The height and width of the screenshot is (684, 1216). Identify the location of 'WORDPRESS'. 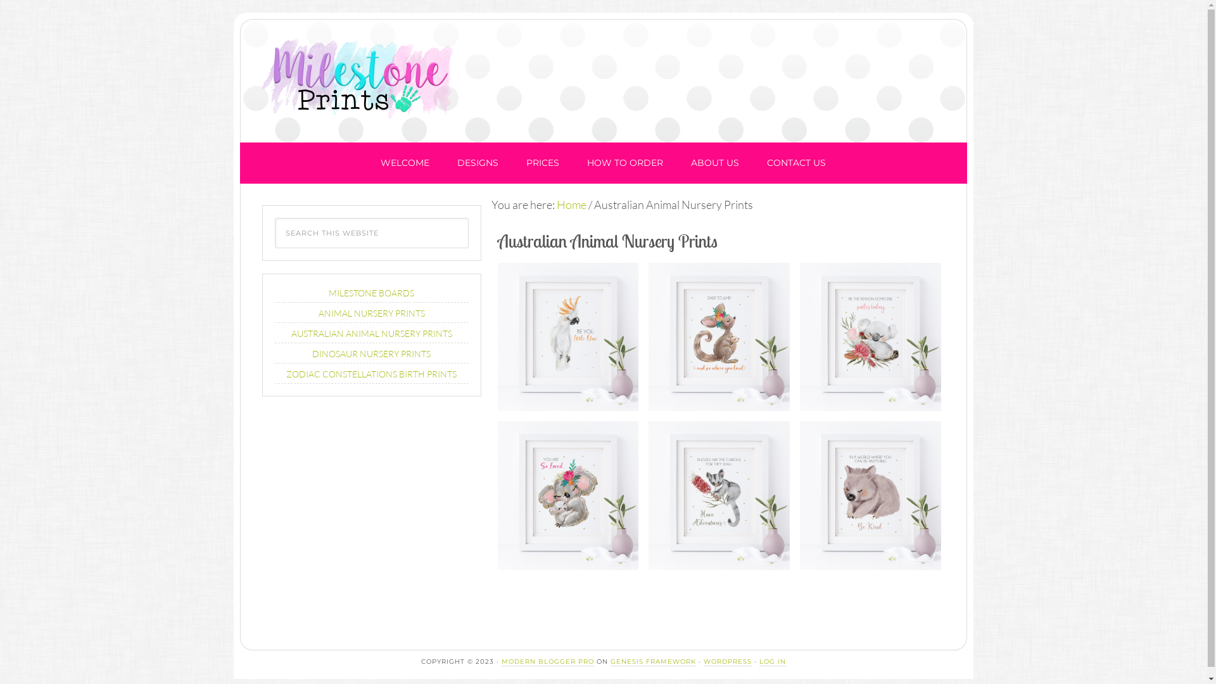
(726, 661).